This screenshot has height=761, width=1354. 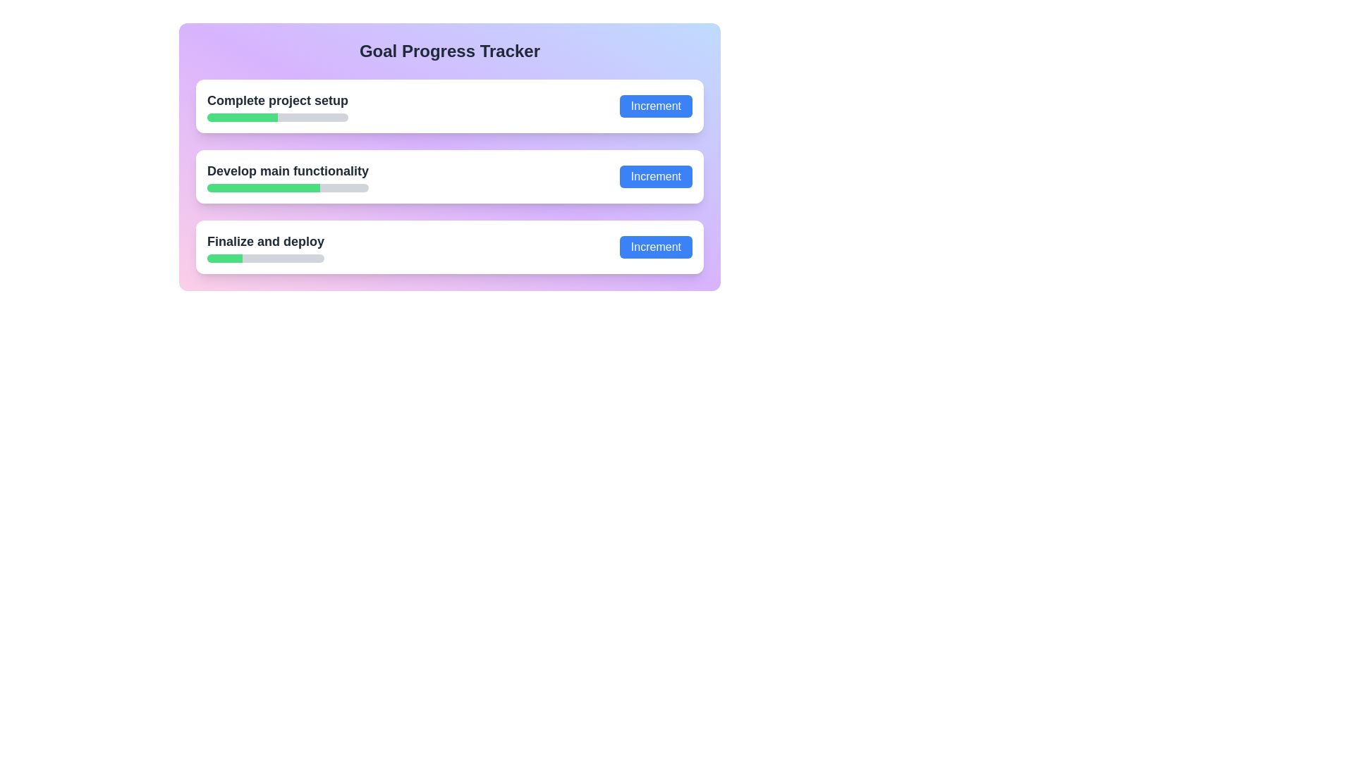 What do you see at coordinates (266, 247) in the screenshot?
I see `the Progress indicator for the task 'Finalize and deploy' in the Goal Progress Tracker, which is the third item in the list of progress tasks` at bounding box center [266, 247].